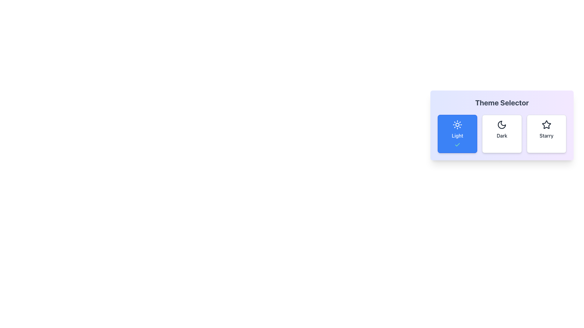 This screenshot has width=584, height=328. What do you see at coordinates (546, 135) in the screenshot?
I see `the text label displaying 'Starry', which is styled with a medium font weight and is located under a star icon within the rightmost card of the theme selector` at bounding box center [546, 135].